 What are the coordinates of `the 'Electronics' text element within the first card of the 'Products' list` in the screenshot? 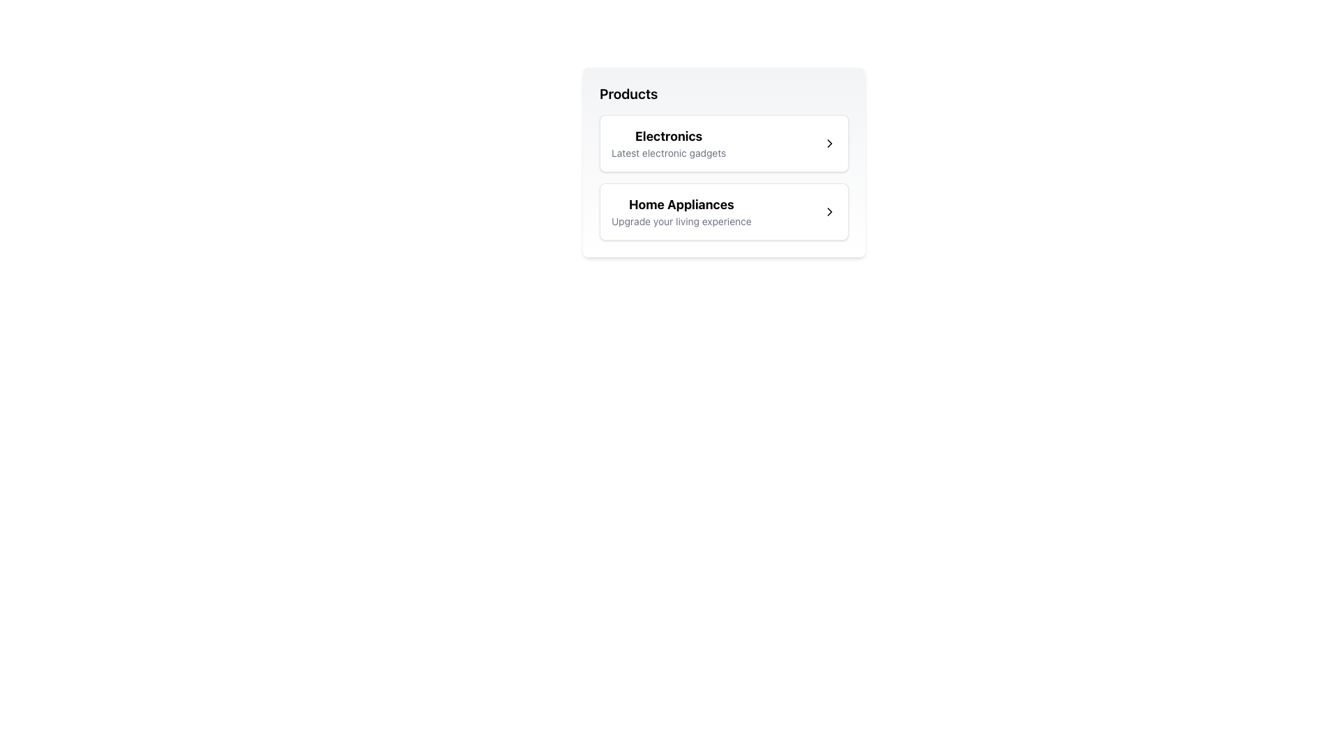 It's located at (668, 143).